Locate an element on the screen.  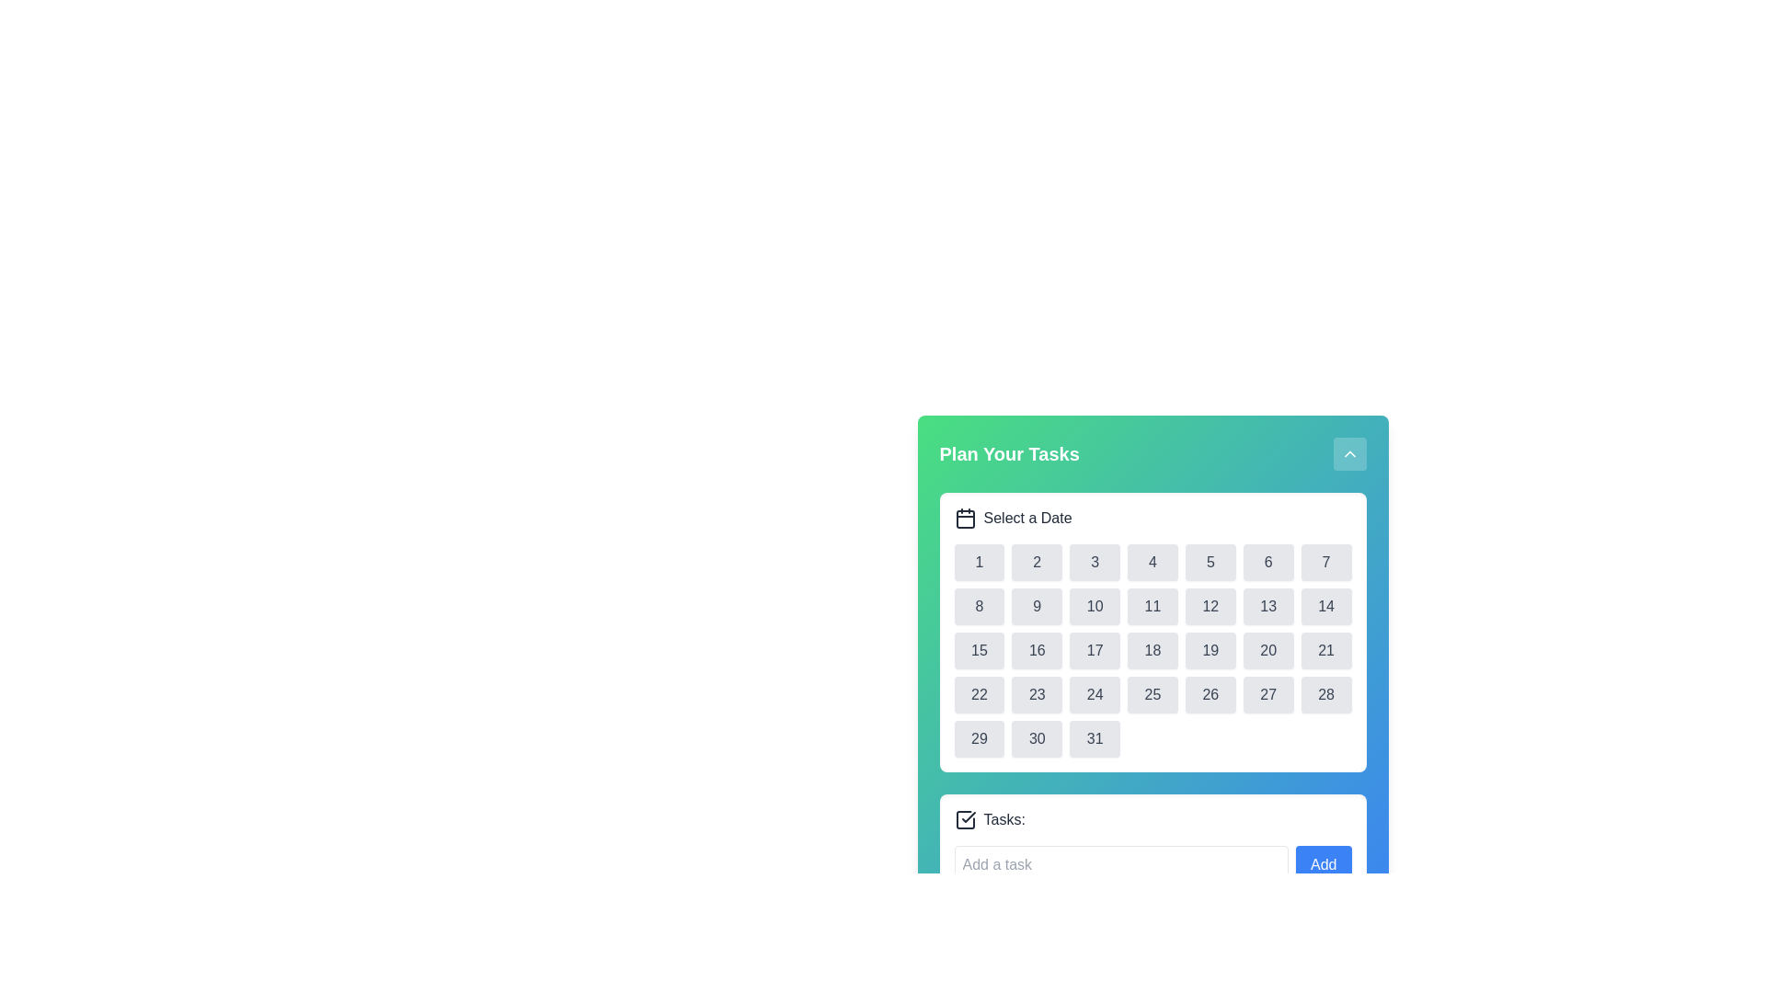
the rectangular button with rounded corners that displays the text '19' in gray, located in the third row and fifth column of the calendar section is located at coordinates (1210, 650).